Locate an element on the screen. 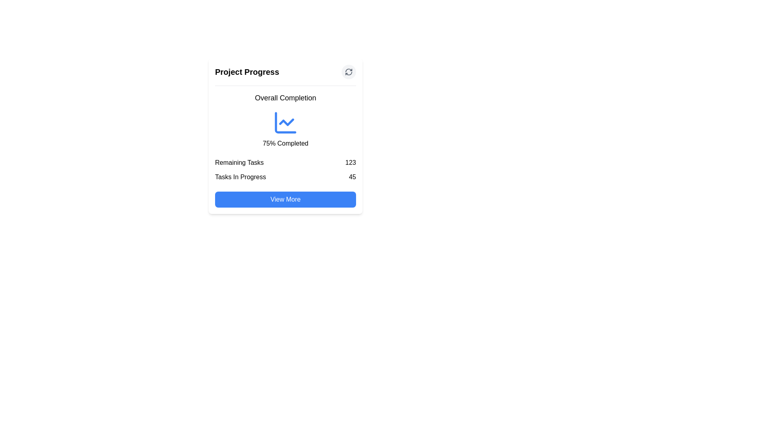 Image resolution: width=769 pixels, height=432 pixels. the line chart icon styled with blue and white colors, which is centrally located within the card layout under 'Overall Completion' and above '75% Completed' is located at coordinates (286, 123).